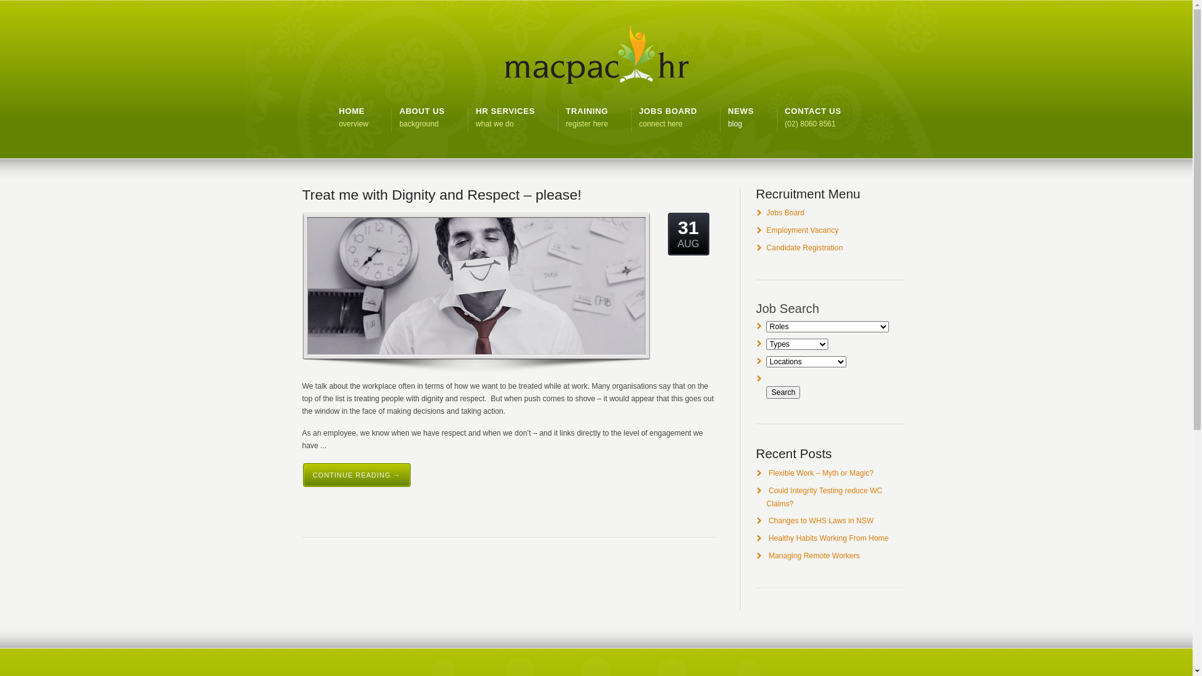 The height and width of the screenshot is (676, 1202). Describe the element at coordinates (766, 392) in the screenshot. I see `'Search'` at that location.